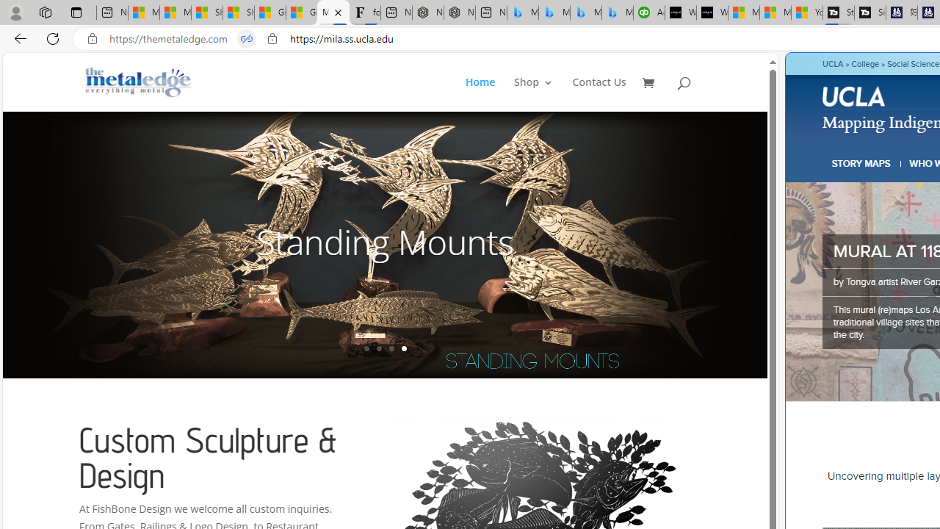  What do you see at coordinates (861, 163) in the screenshot?
I see `'STORY MAPS'` at bounding box center [861, 163].